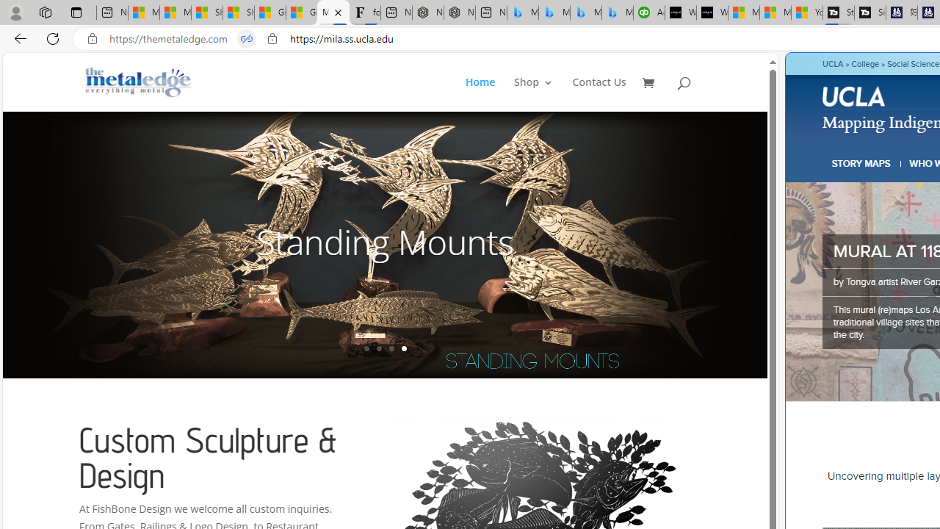  What do you see at coordinates (861, 163) in the screenshot?
I see `'STORY MAPS'` at bounding box center [861, 163].